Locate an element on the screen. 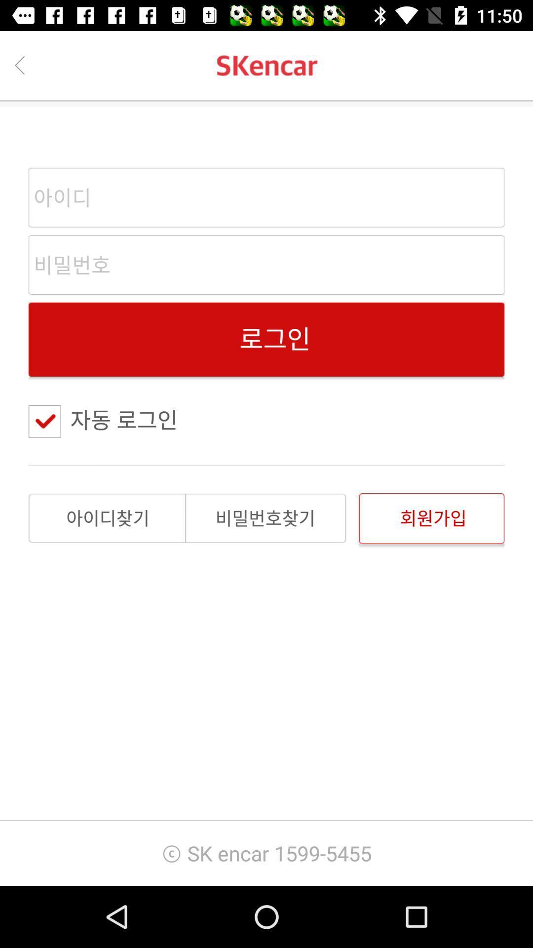 The height and width of the screenshot is (948, 533). the back button from the top left is located at coordinates (19, 65).